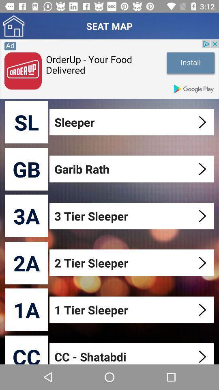 The width and height of the screenshot is (219, 390). I want to click on the item below the sleeper, so click(132, 169).